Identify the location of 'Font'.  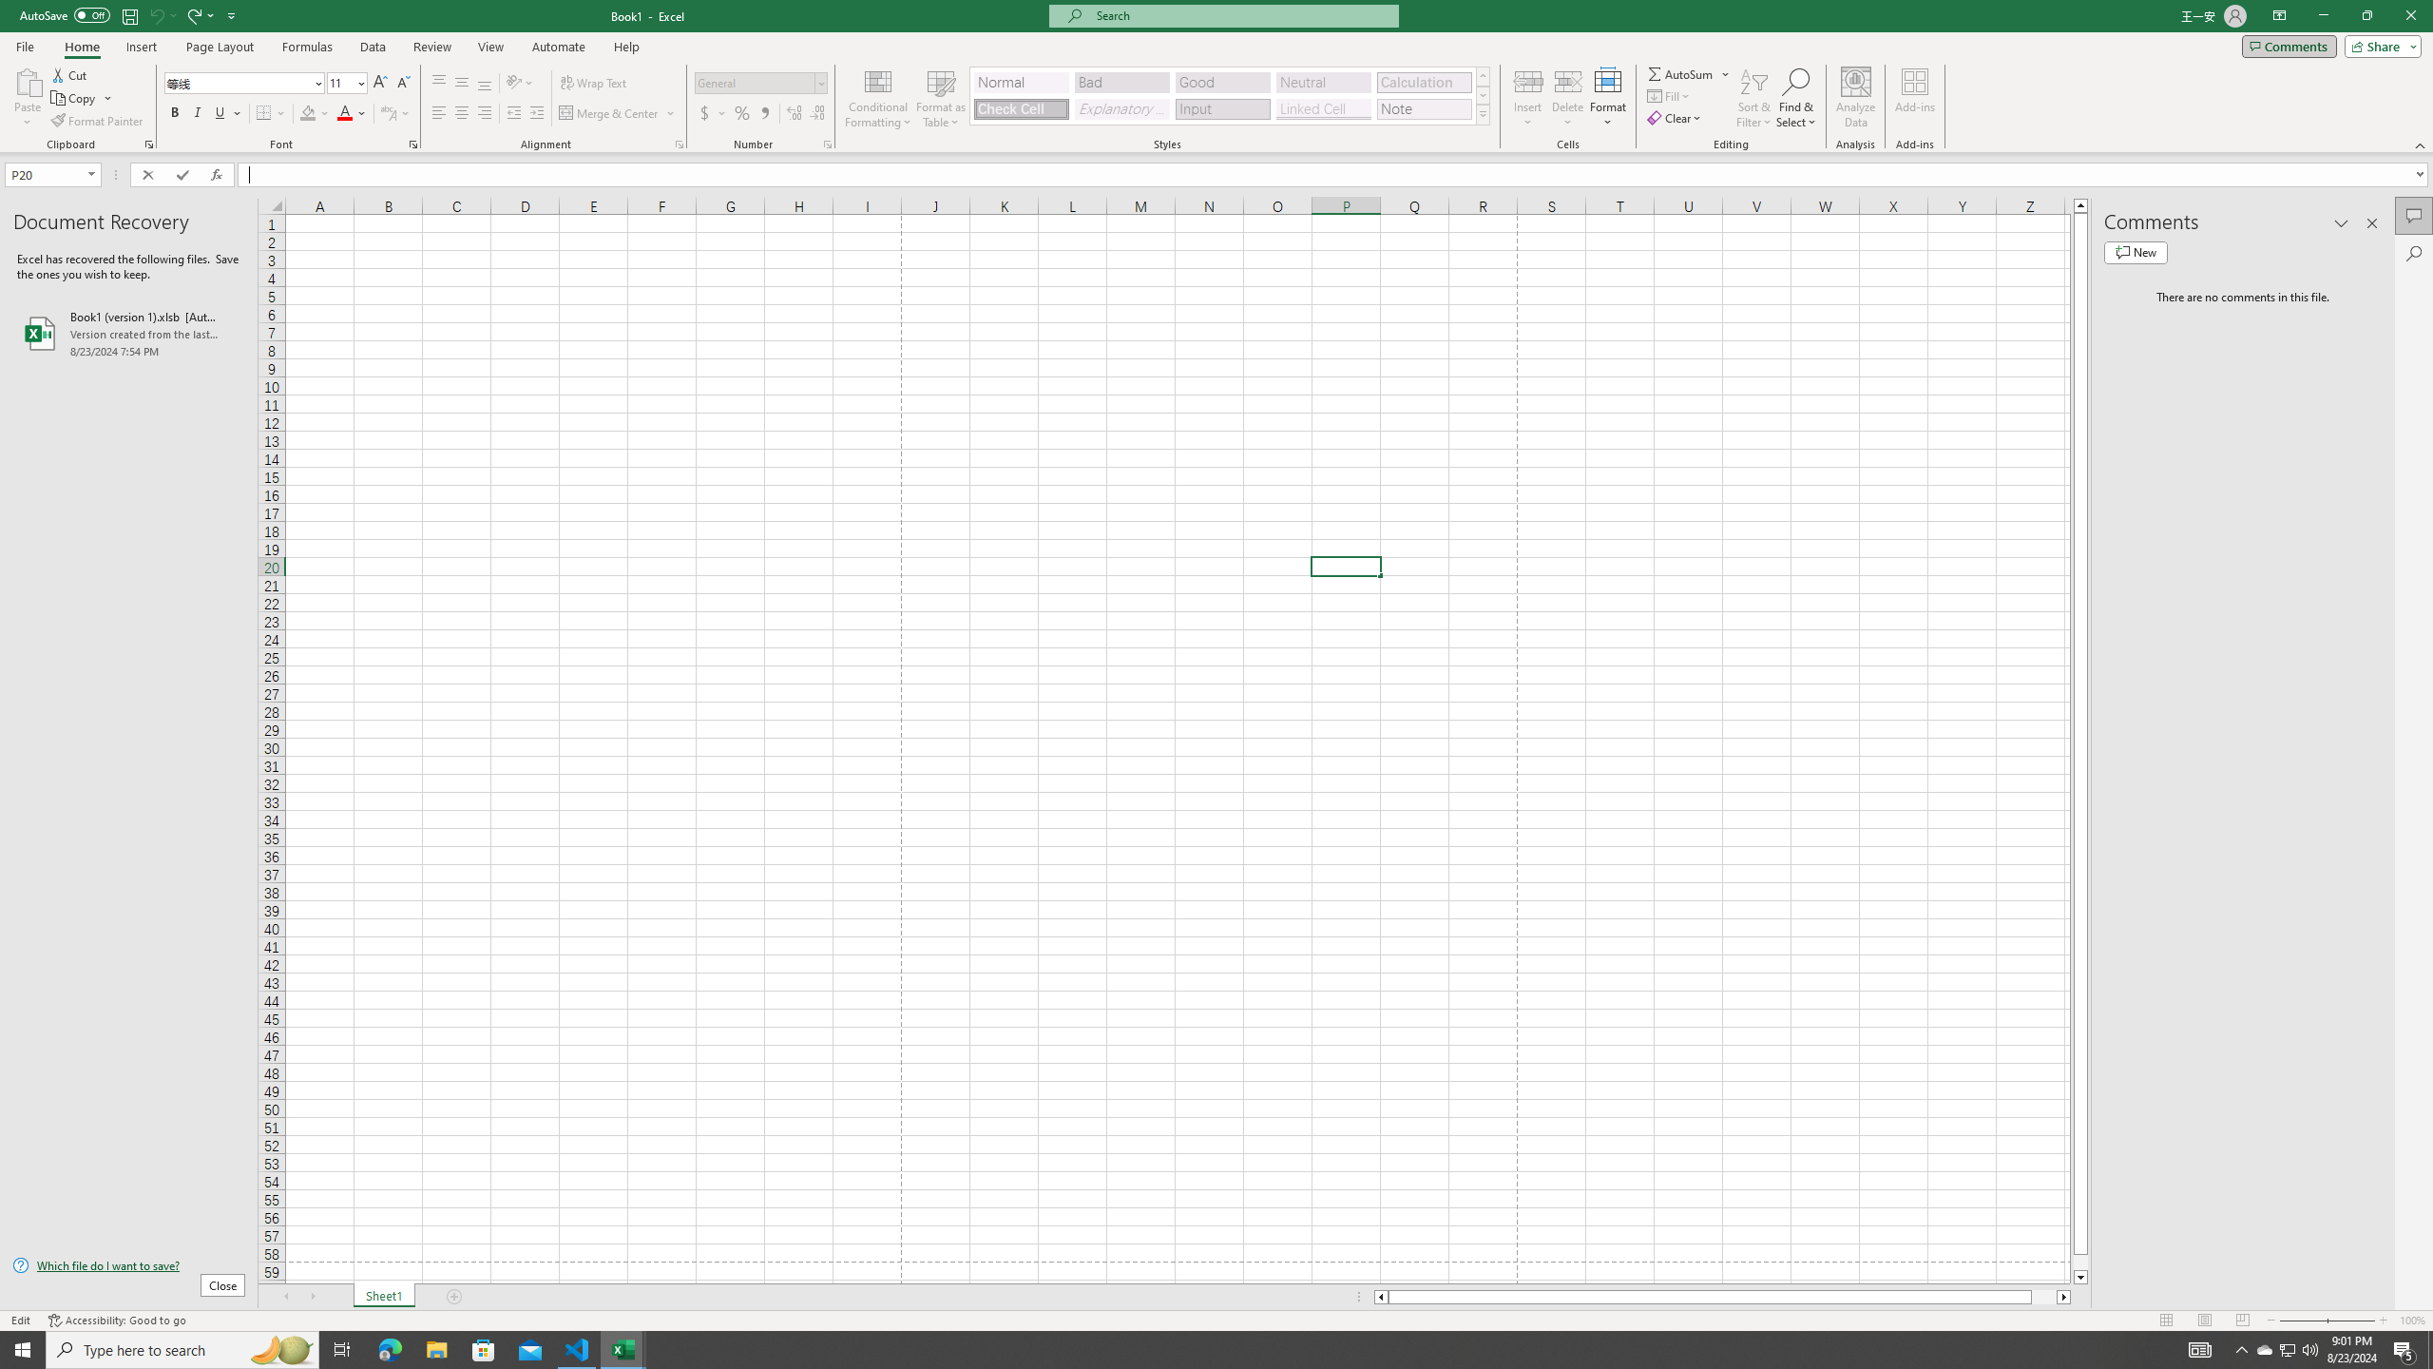
(237, 83).